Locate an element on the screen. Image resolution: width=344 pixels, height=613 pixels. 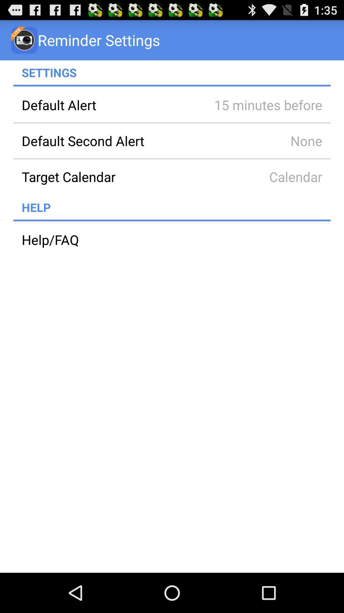
the item below none app is located at coordinates (109, 177).